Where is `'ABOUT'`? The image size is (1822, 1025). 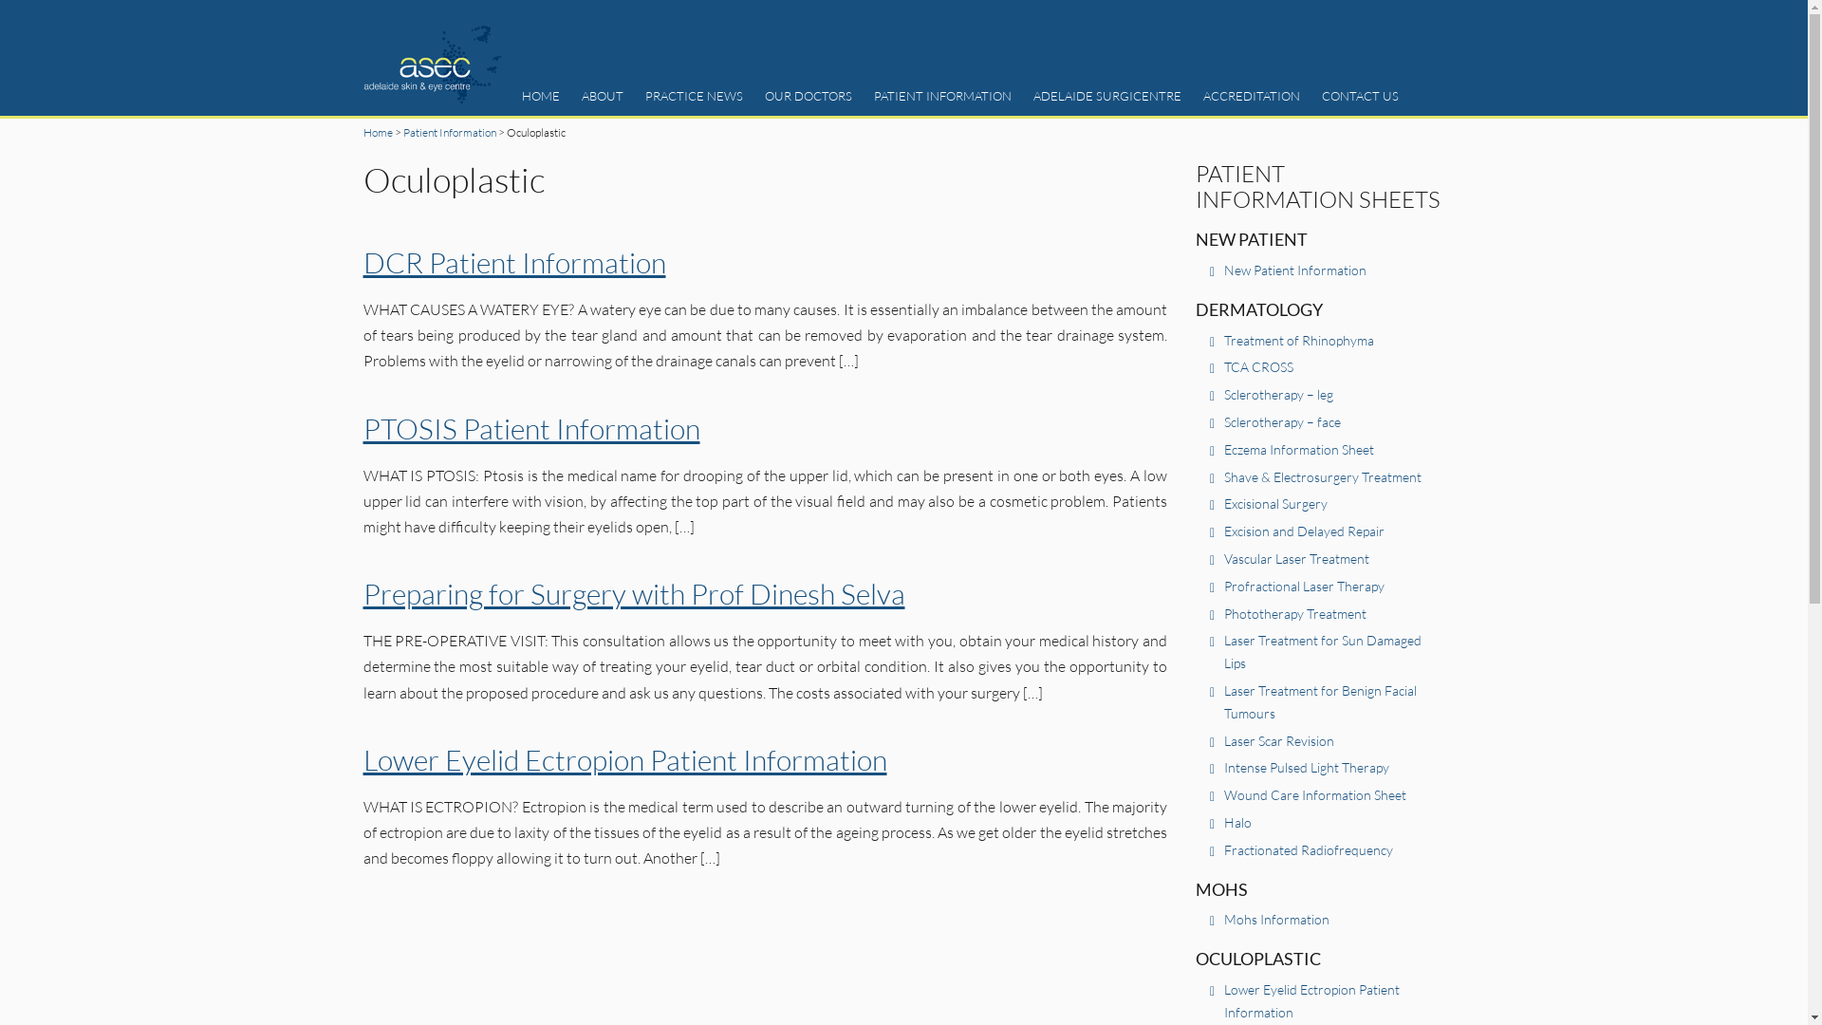 'ABOUT' is located at coordinates (571, 95).